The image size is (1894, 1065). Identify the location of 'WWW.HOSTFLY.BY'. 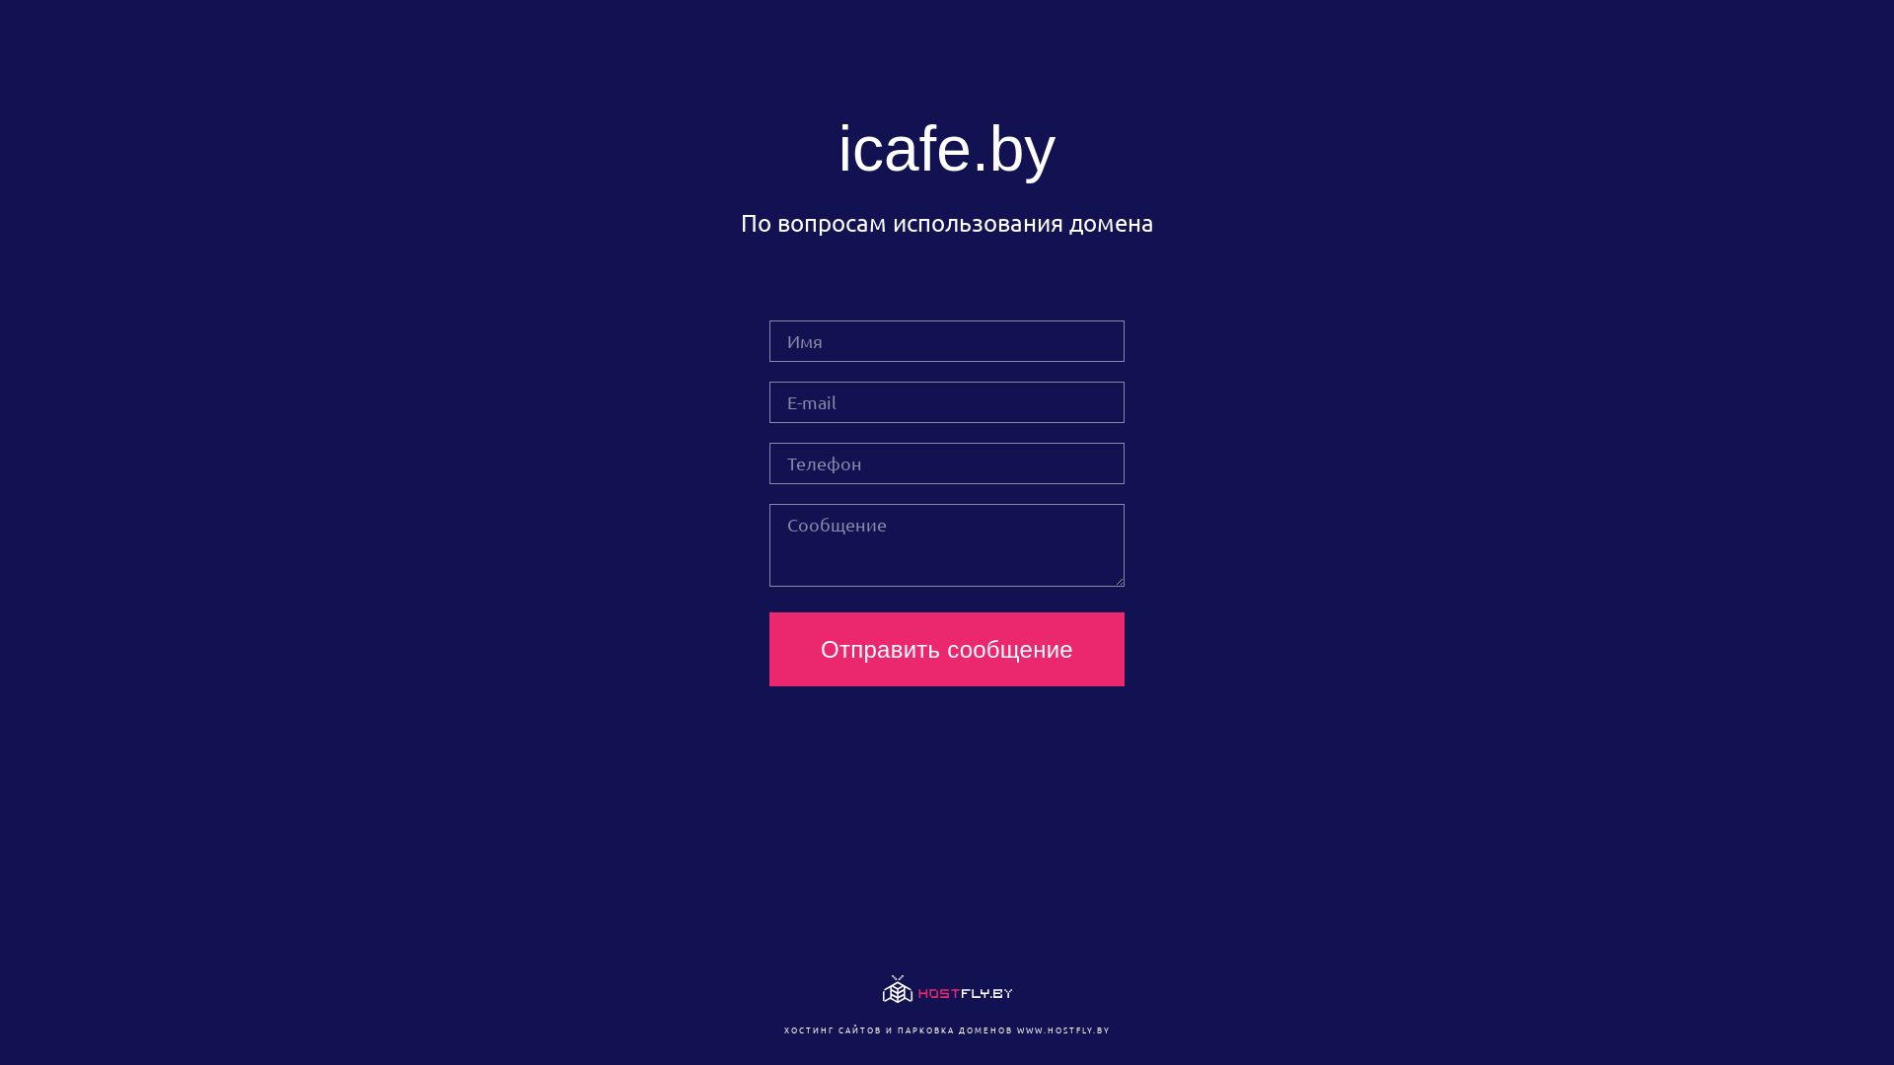
(1016, 1029).